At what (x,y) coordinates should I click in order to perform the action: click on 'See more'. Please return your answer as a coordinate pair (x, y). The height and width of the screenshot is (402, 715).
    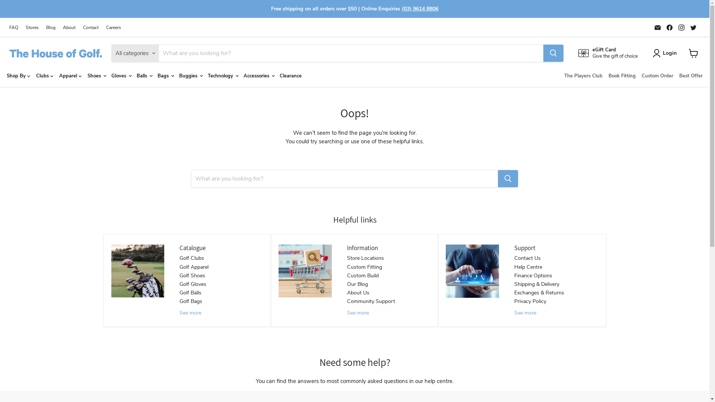
    Looking at the image, I should click on (525, 313).